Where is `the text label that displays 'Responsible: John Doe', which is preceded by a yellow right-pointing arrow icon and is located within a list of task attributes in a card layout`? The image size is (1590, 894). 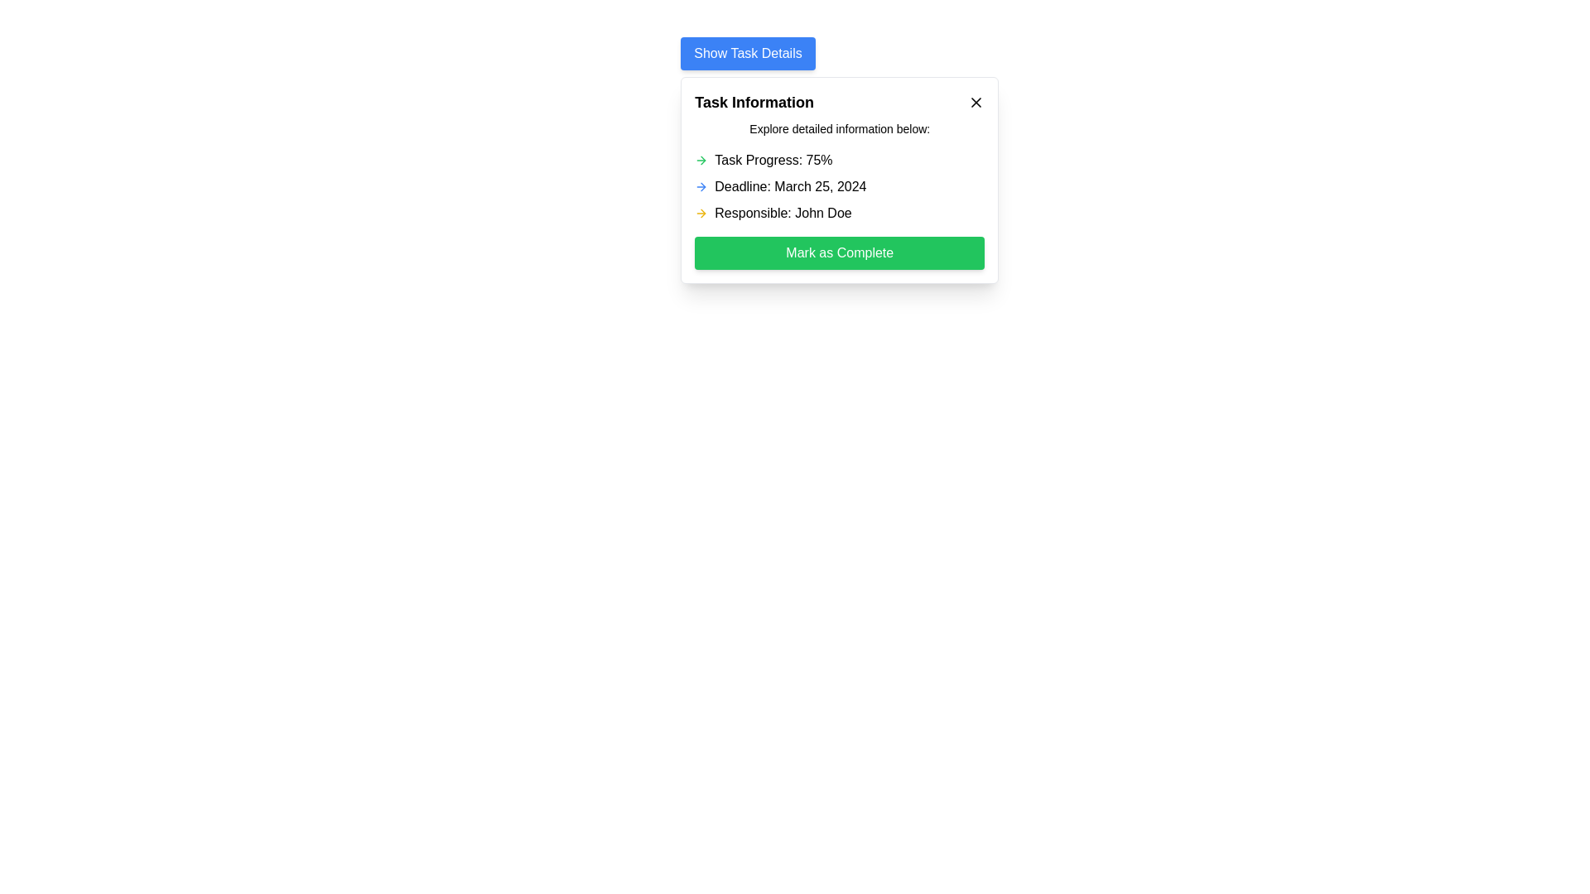
the text label that displays 'Responsible: John Doe', which is preceded by a yellow right-pointing arrow icon and is located within a list of task attributes in a card layout is located at coordinates (840, 213).